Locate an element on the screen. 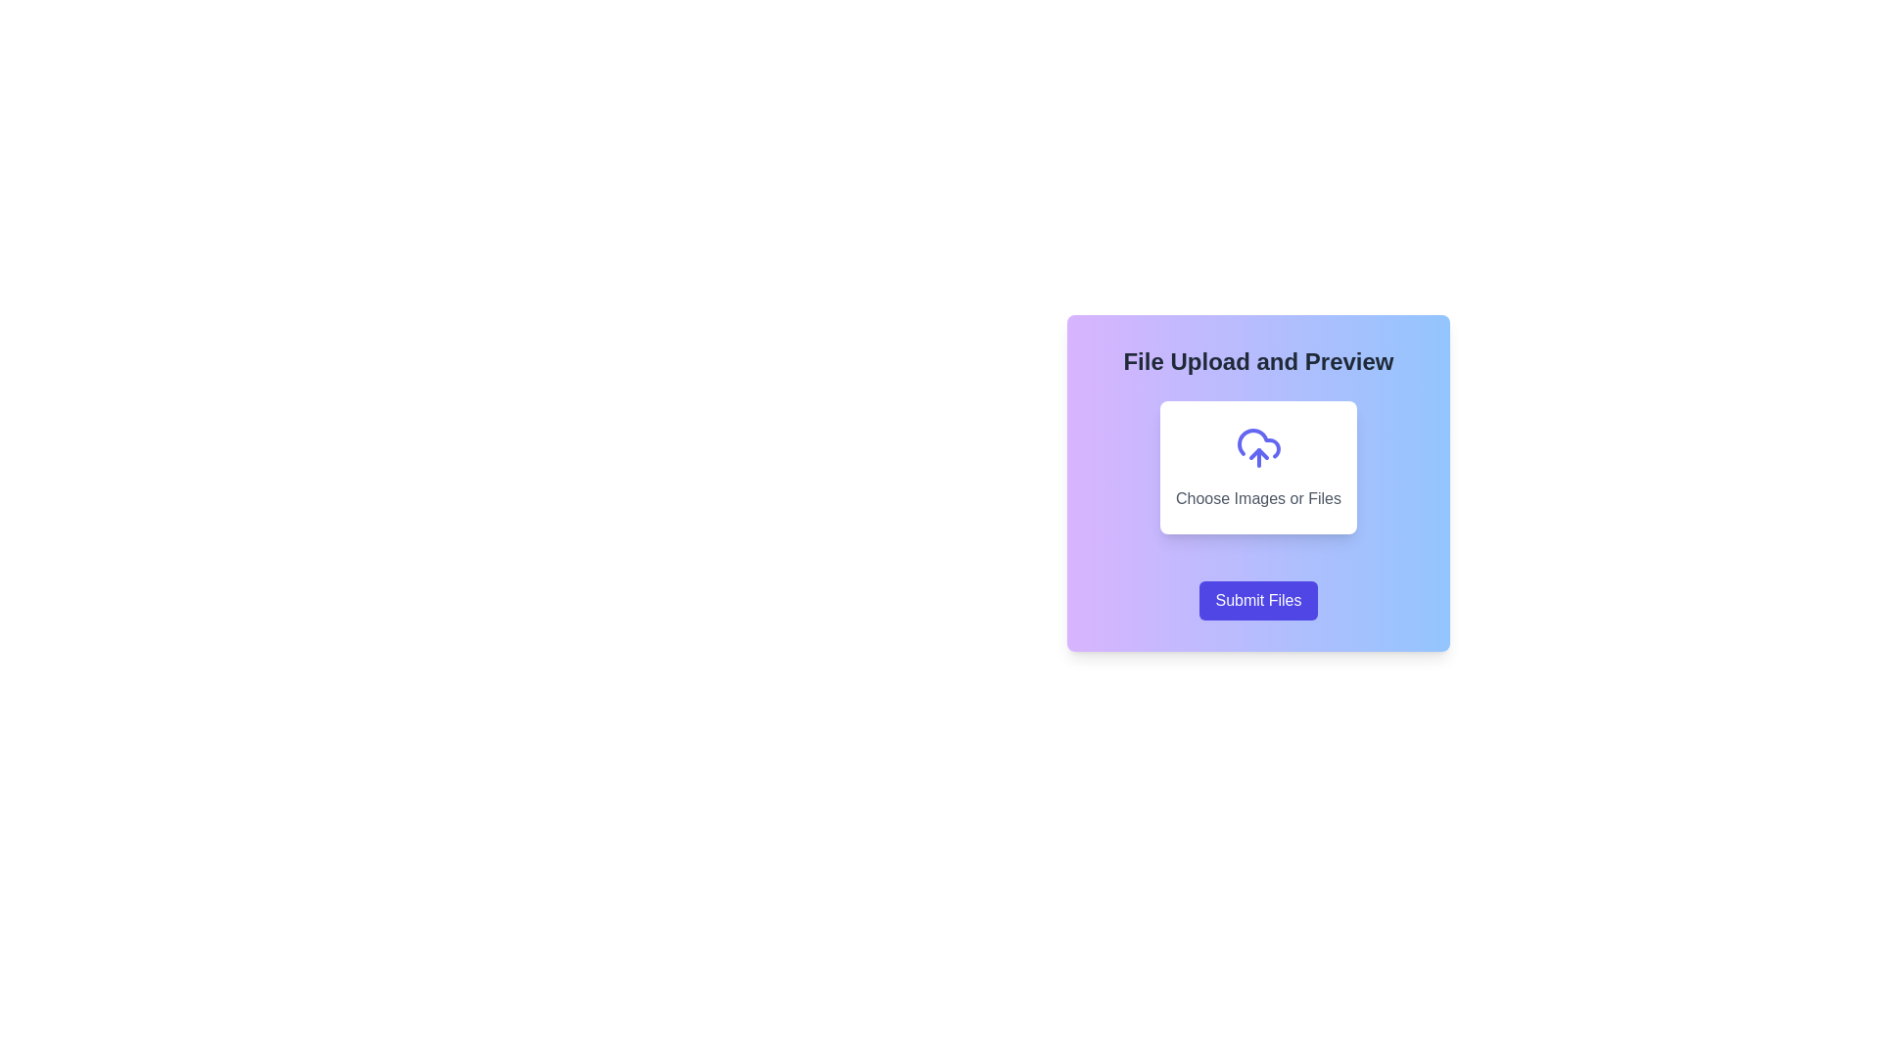 The height and width of the screenshot is (1057, 1880). the 'File Upload and Preview' panel, which features a gradient background from purple to blue and includes a centered white card with 'Choose Images or Files' and a 'Submit Files' button at the bottom is located at coordinates (1258, 483).